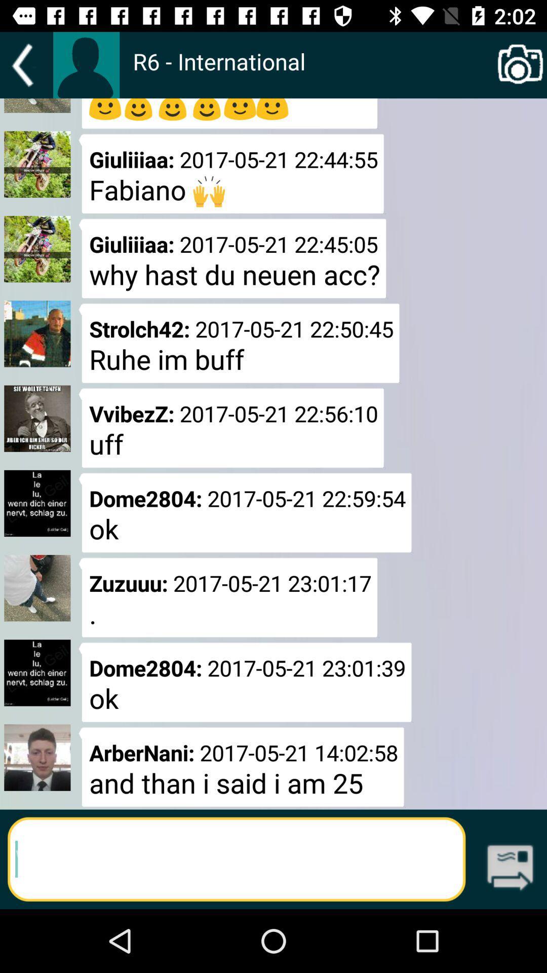 Image resolution: width=547 pixels, height=973 pixels. Describe the element at coordinates (520, 65) in the screenshot. I see `share an image` at that location.